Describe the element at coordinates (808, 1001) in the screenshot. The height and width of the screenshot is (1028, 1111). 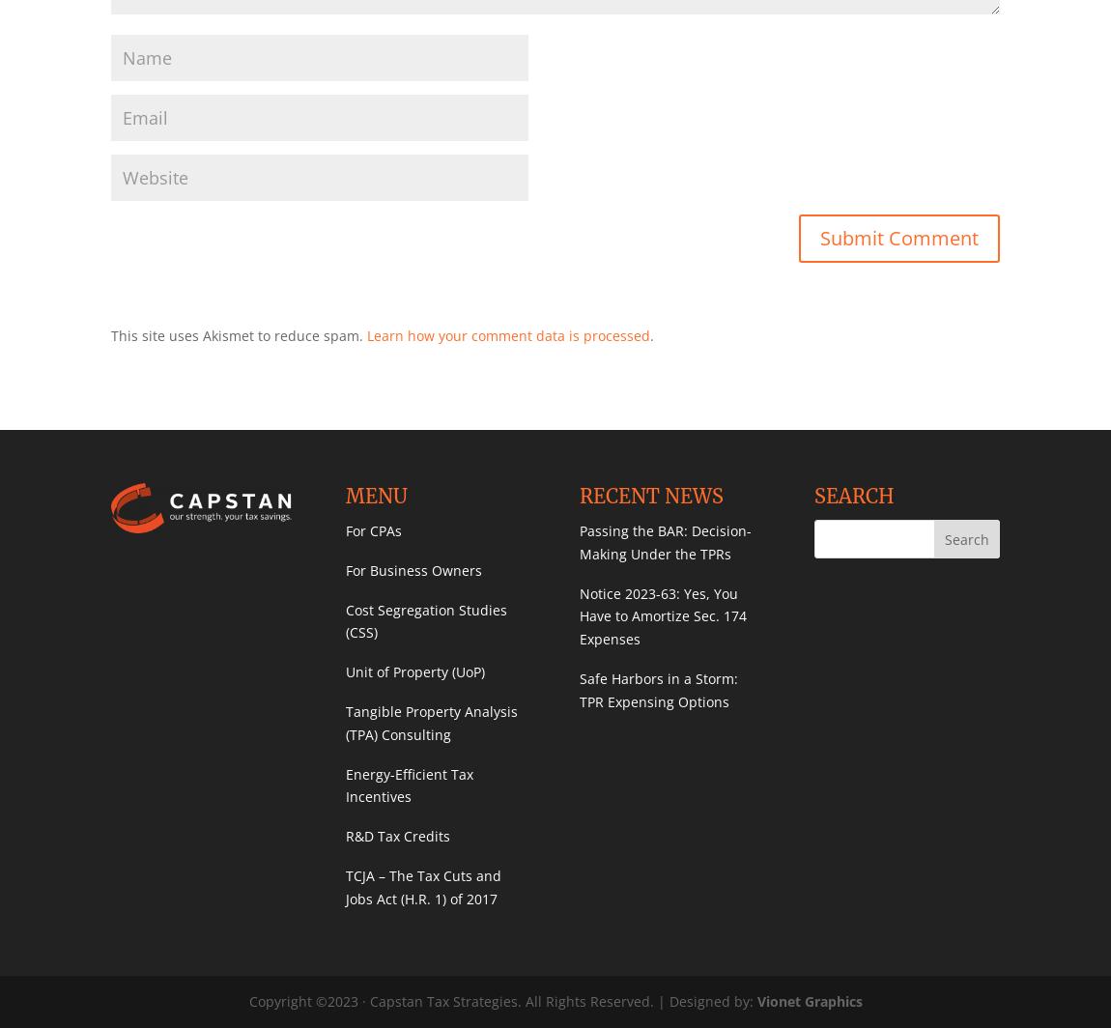
I see `'Vionet Graphics'` at that location.